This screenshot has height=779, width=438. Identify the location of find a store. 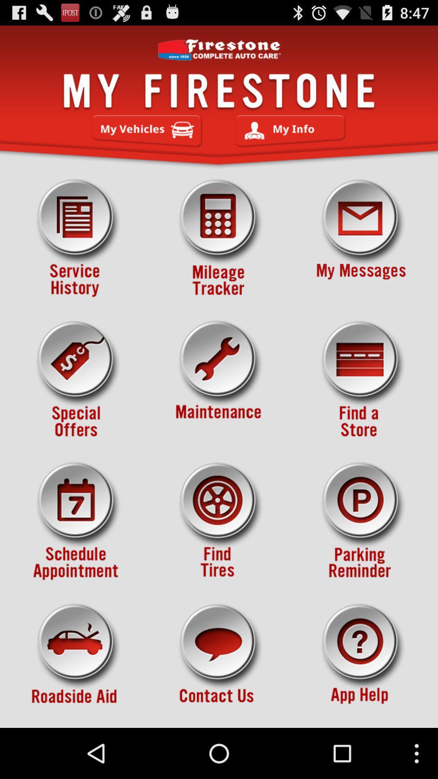
(361, 379).